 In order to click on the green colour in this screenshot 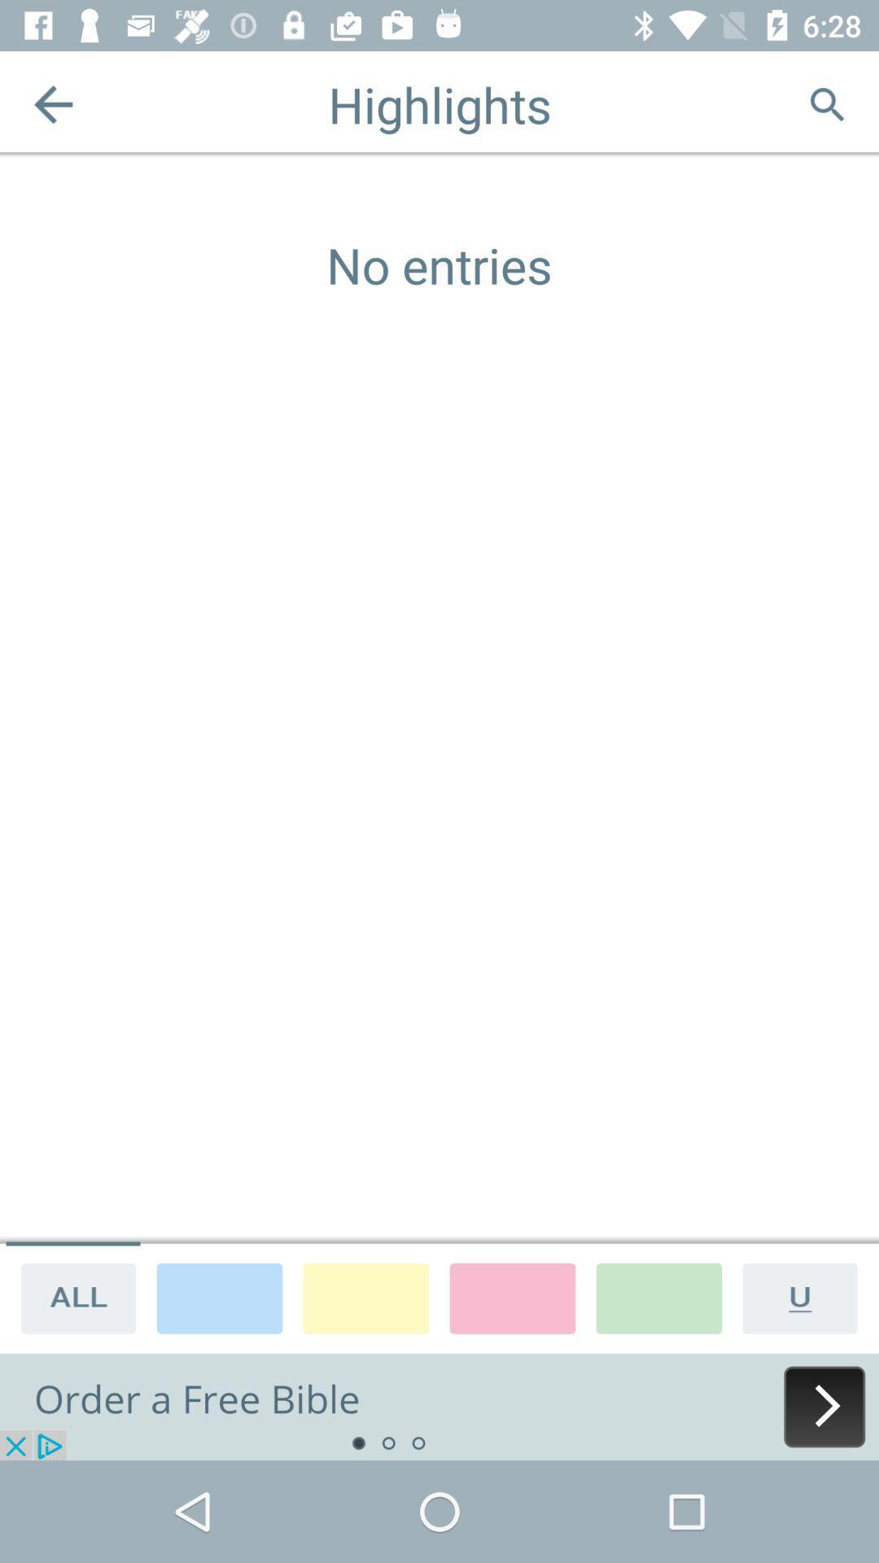, I will do `click(659, 1297)`.